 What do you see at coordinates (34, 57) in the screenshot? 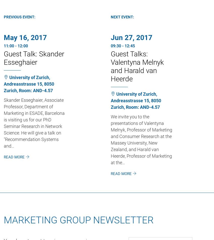
I see `'Guest Talk: Skander Esseghaier'` at bounding box center [34, 57].